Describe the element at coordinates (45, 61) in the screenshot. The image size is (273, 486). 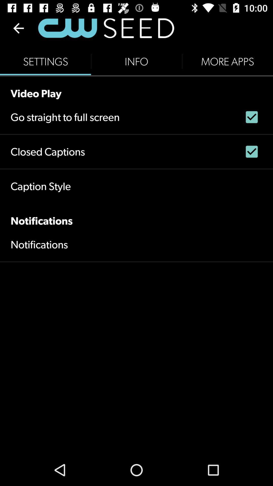
I see `settings` at that location.